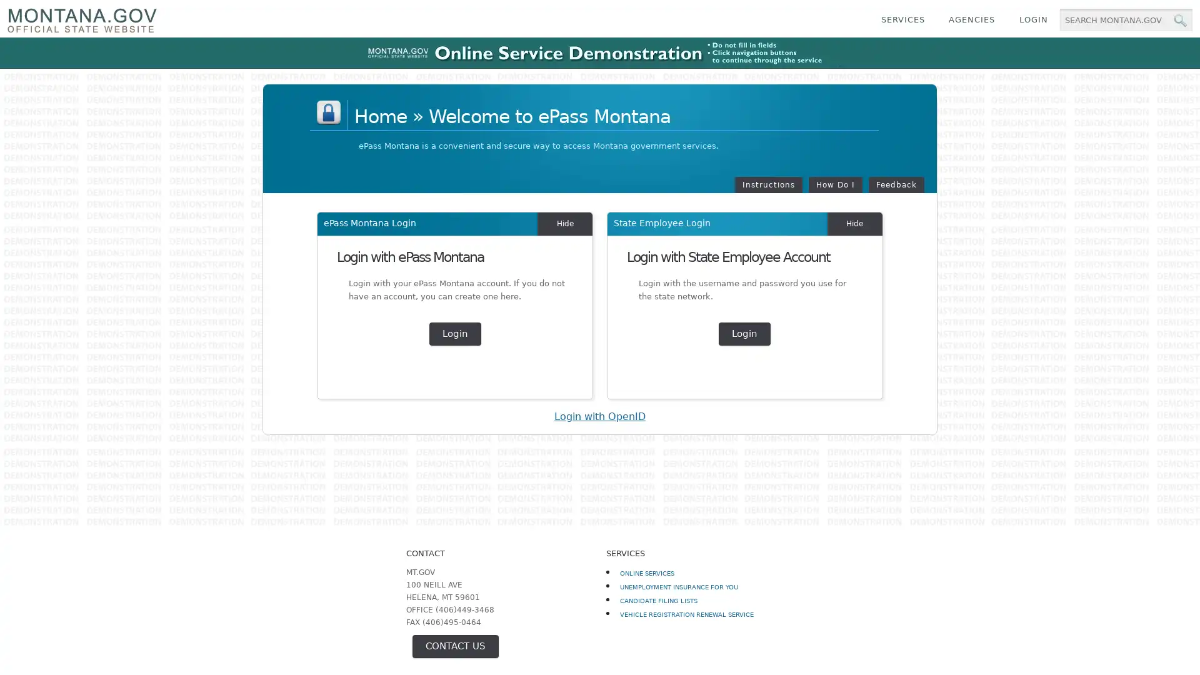 This screenshot has width=1200, height=675. What do you see at coordinates (1179, 21) in the screenshot?
I see `MT.gov Search Button` at bounding box center [1179, 21].